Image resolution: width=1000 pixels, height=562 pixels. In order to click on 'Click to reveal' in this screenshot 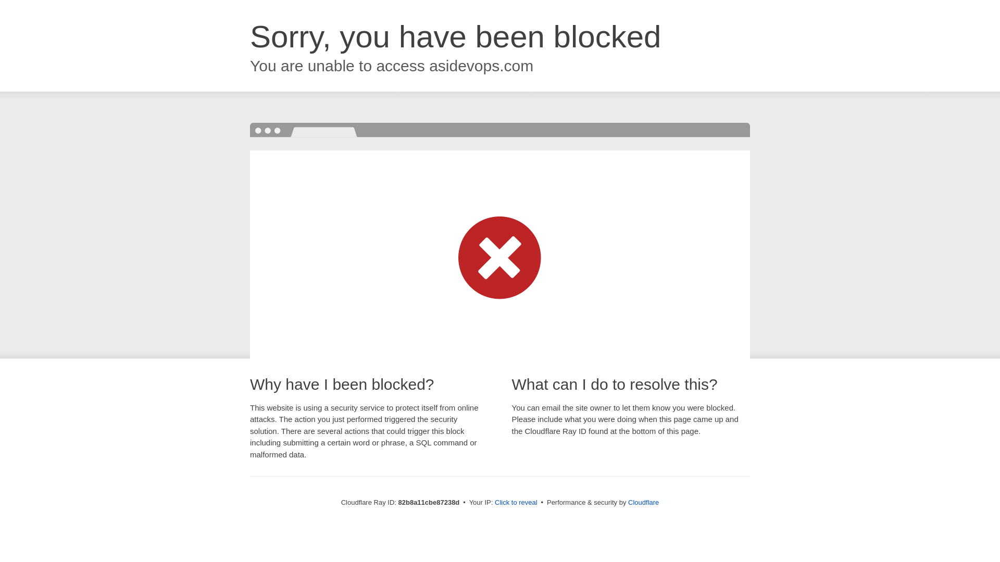, I will do `click(494, 502)`.